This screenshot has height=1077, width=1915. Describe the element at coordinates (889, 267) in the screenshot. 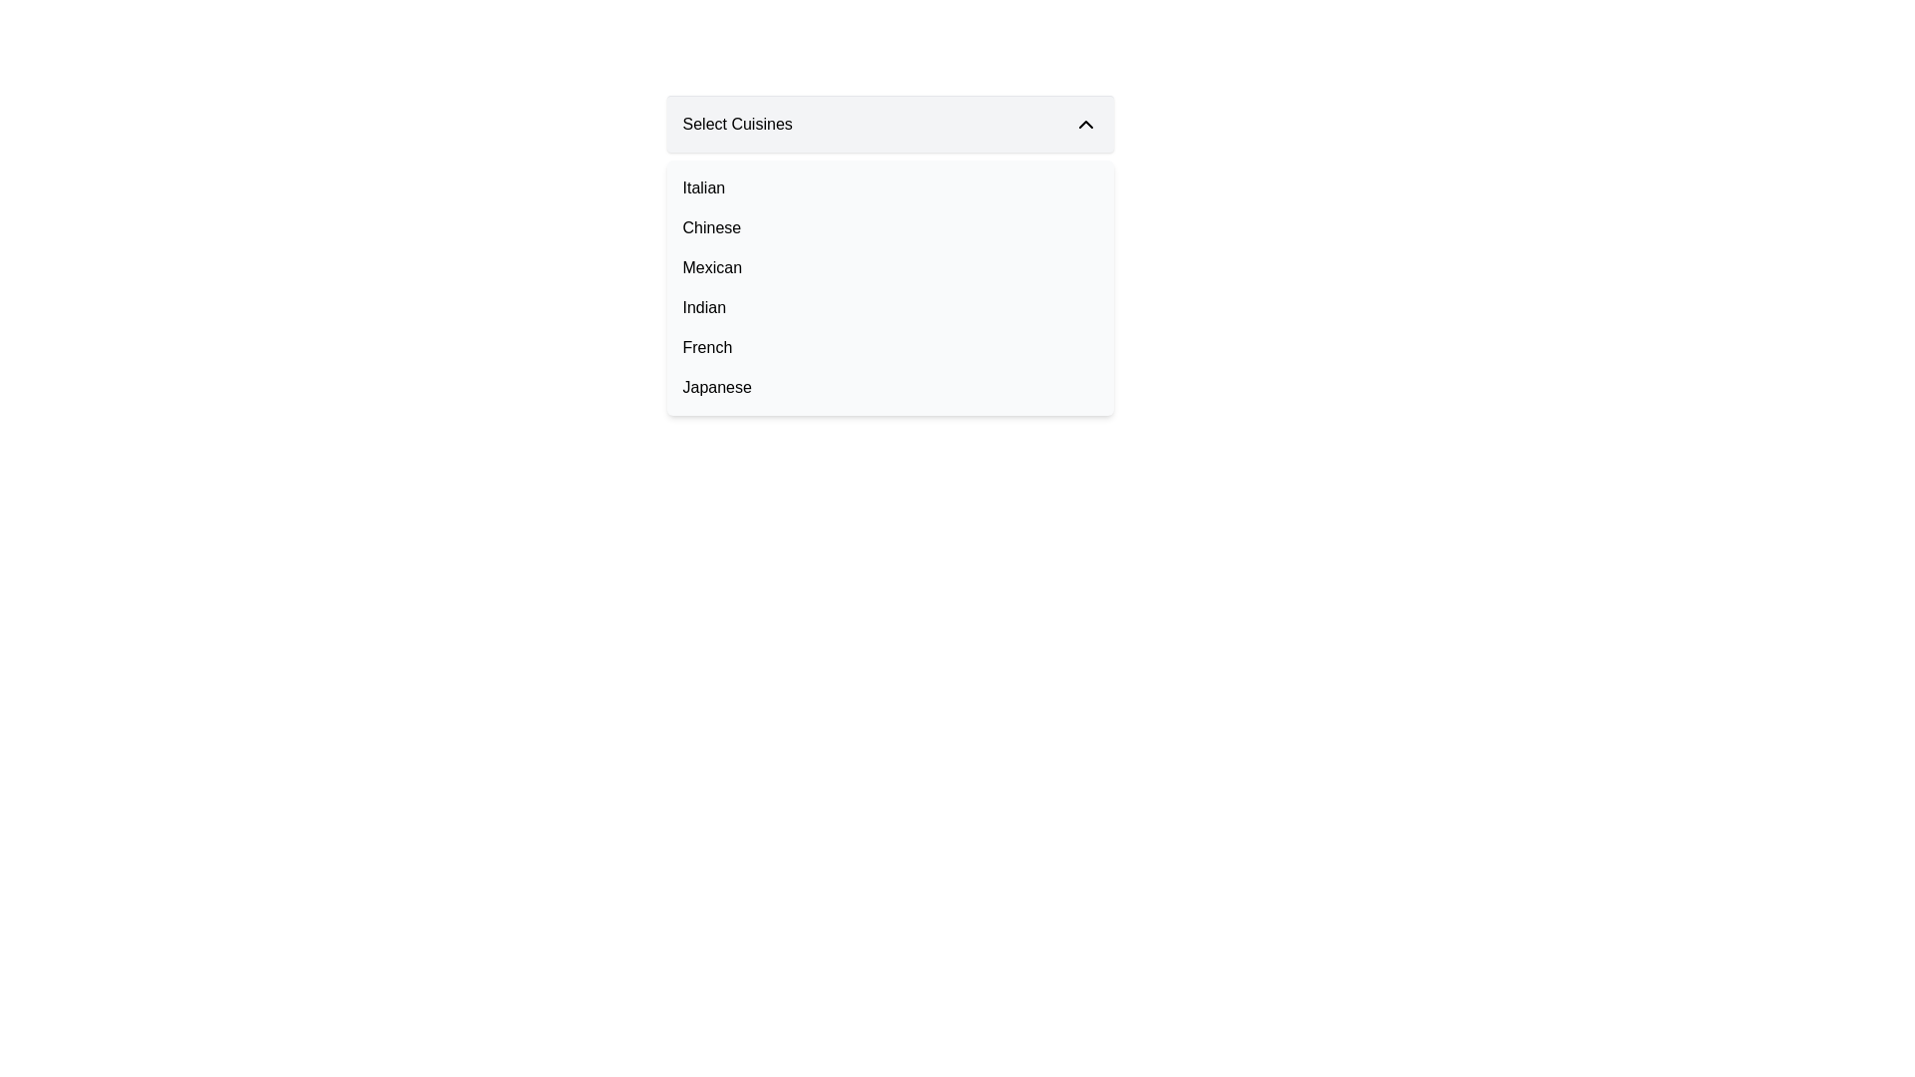

I see `the selectable option for 'Mexican' cuisine in the dropdown menu` at that location.